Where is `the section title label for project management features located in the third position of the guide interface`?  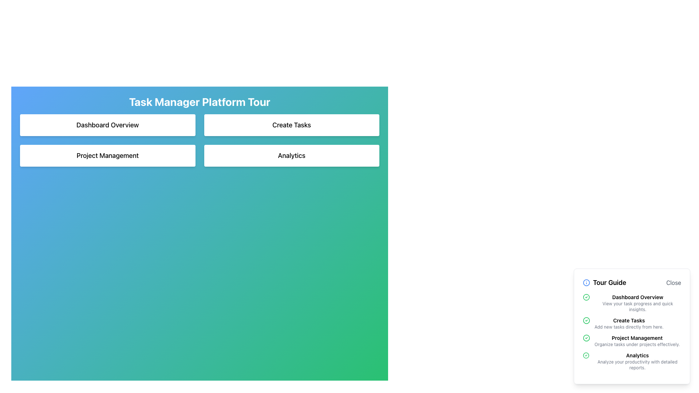 the section title label for project management features located in the third position of the guide interface is located at coordinates (637, 338).